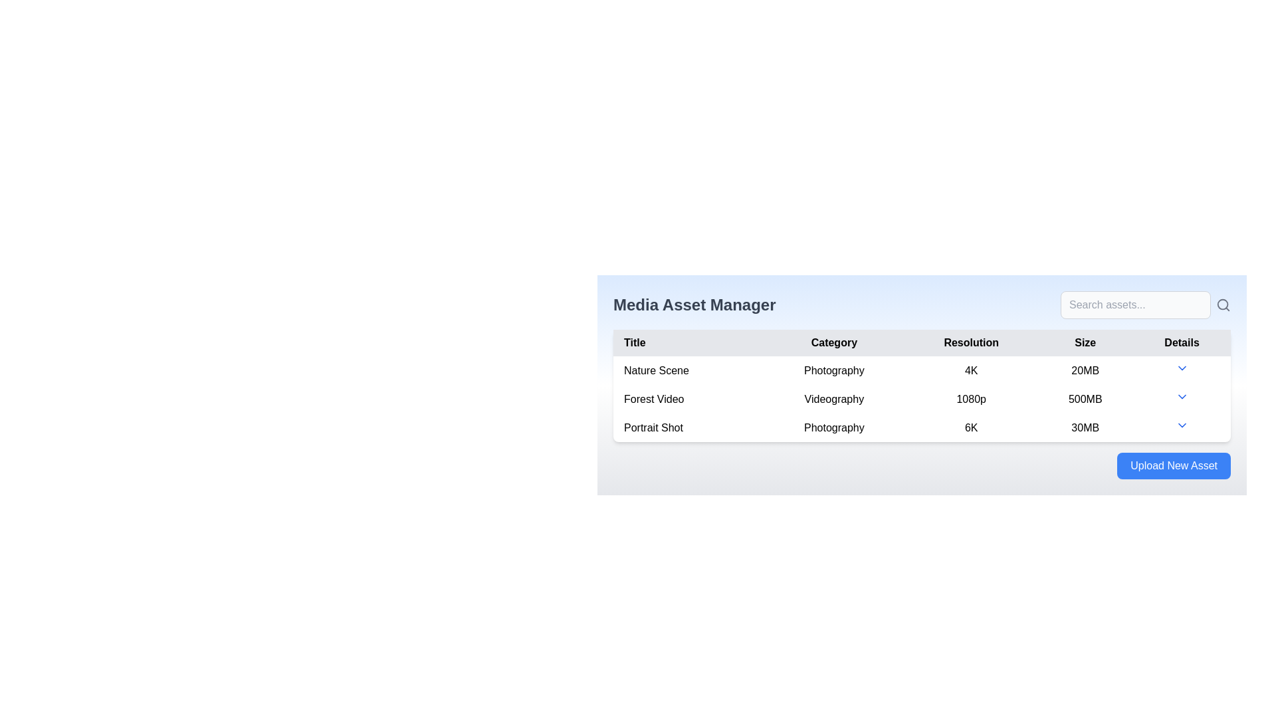  What do you see at coordinates (1223, 304) in the screenshot?
I see `the decorative graphic within the search icon, which is a circular graphic styled as part of a magnifying glass in the search-related button` at bounding box center [1223, 304].